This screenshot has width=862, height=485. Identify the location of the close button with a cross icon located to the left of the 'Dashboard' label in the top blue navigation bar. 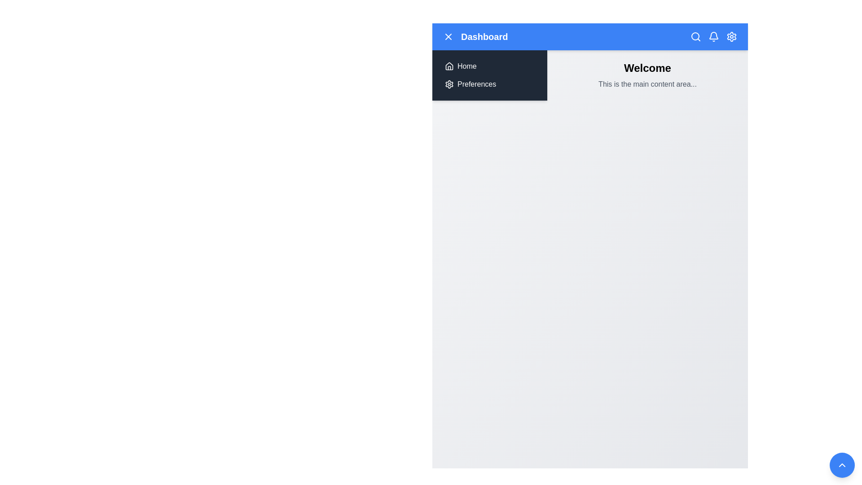
(448, 36).